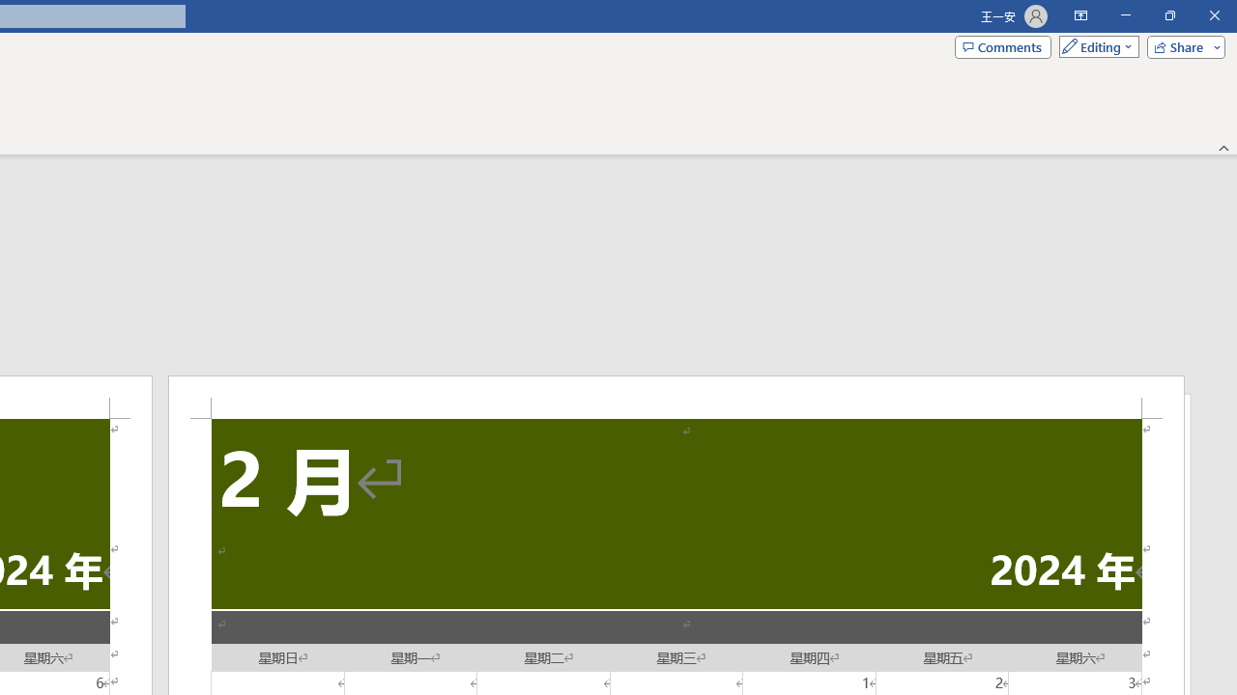  I want to click on 'Ribbon Display Options', so click(1079, 15).